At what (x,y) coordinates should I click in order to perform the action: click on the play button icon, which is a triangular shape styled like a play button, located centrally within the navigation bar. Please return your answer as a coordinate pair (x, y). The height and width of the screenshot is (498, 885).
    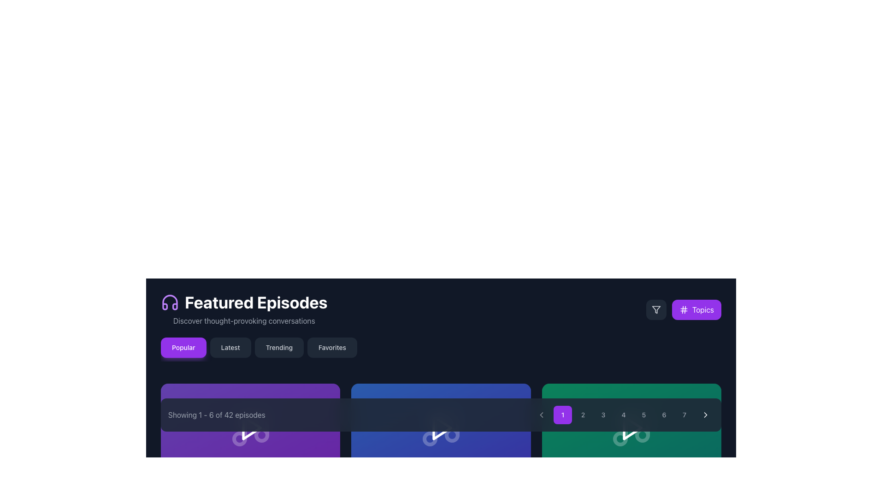
    Looking at the image, I should click on (252, 428).